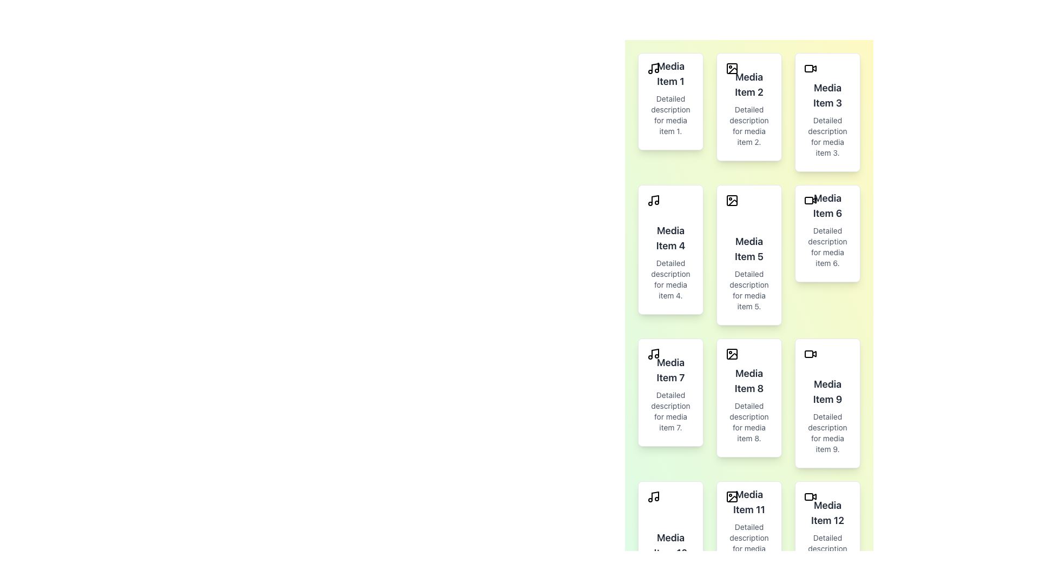 This screenshot has width=1039, height=584. I want to click on the SVG-based graphical icon that represents a diagonal icon located in the fifth card of a 4x3 grid in the second row and second column, so click(733, 203).